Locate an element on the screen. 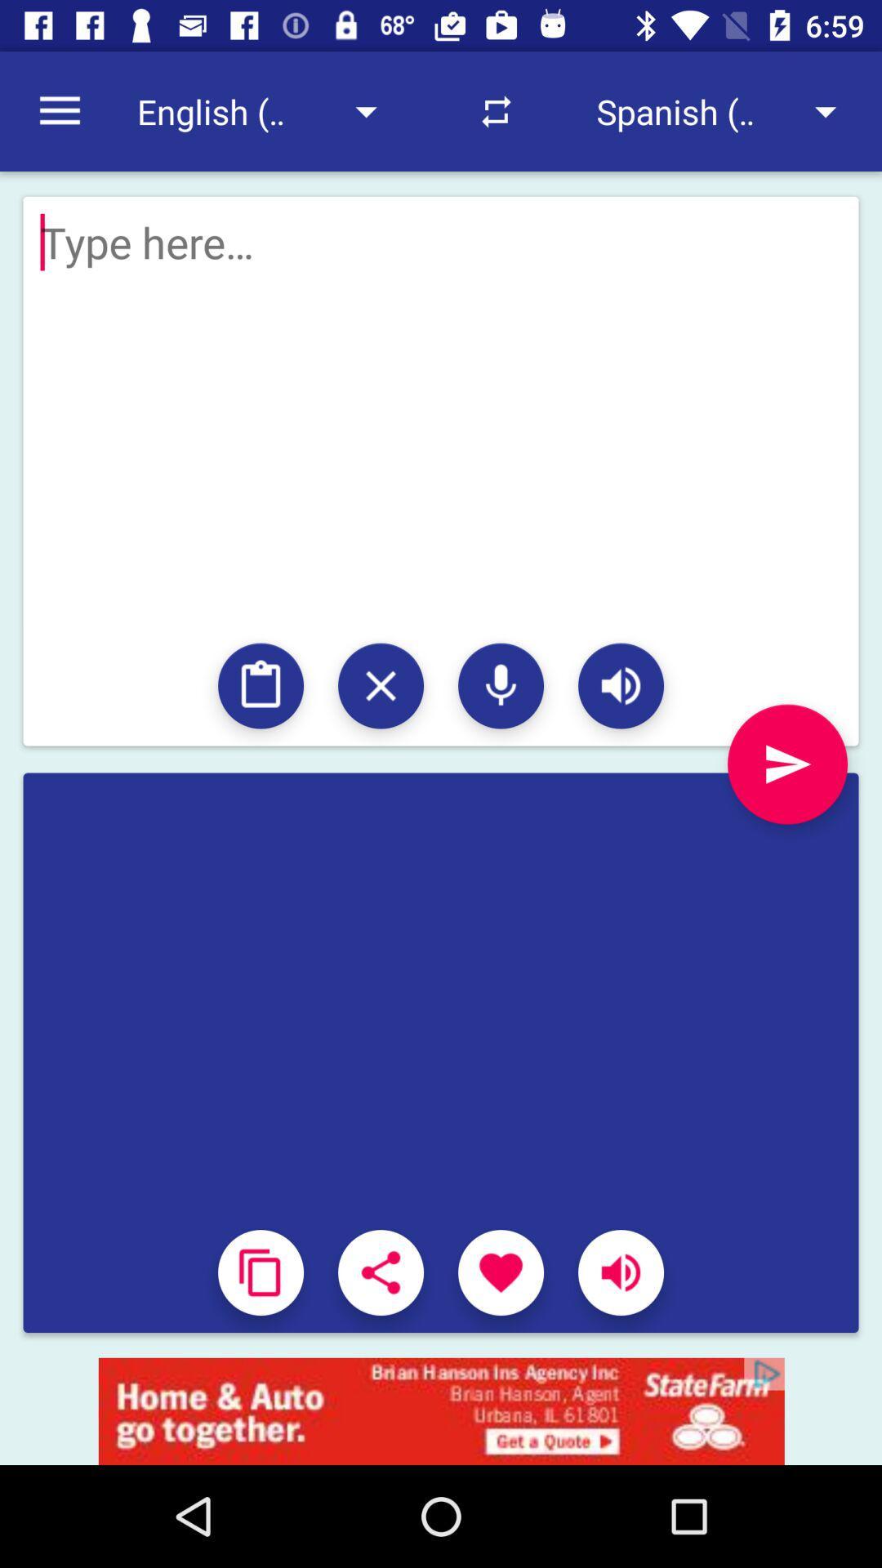 Image resolution: width=882 pixels, height=1568 pixels. paste from clipboard is located at coordinates (260, 686).